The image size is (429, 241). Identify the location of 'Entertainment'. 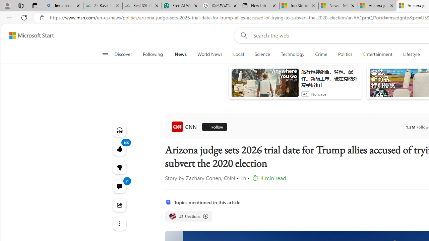
(378, 54).